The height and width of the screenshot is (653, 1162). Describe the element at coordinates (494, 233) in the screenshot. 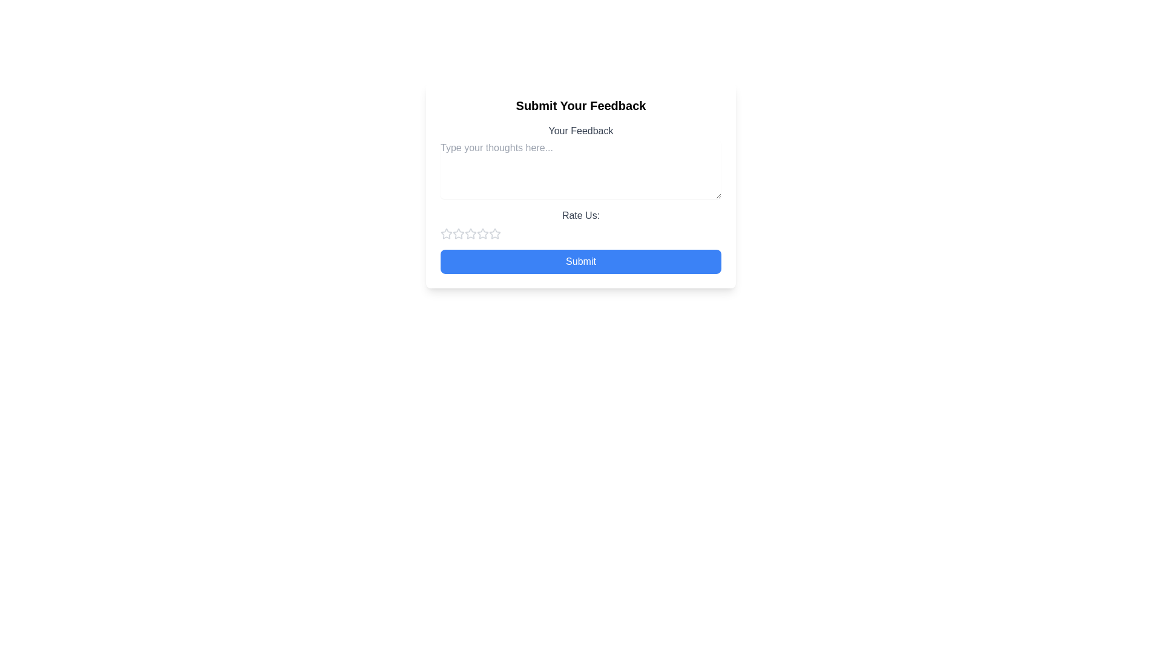

I see `the second star icon in the 'Rate Us' section of the feedback form` at that location.